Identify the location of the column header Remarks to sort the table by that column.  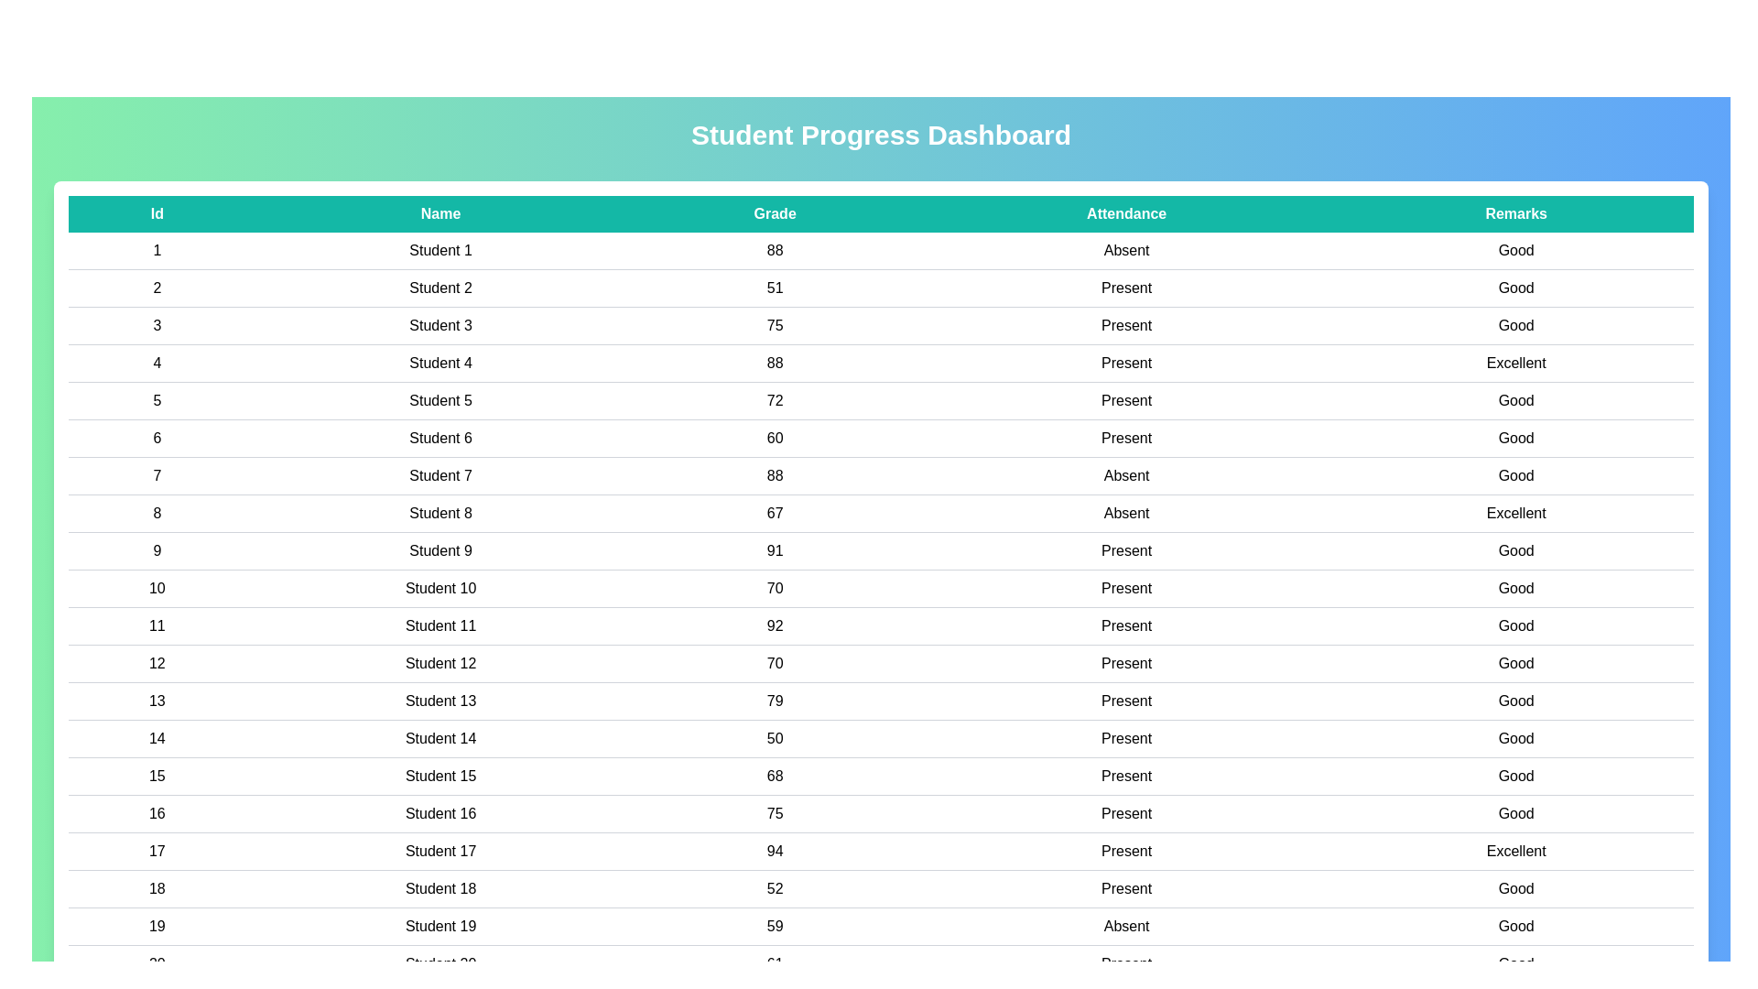
(1516, 213).